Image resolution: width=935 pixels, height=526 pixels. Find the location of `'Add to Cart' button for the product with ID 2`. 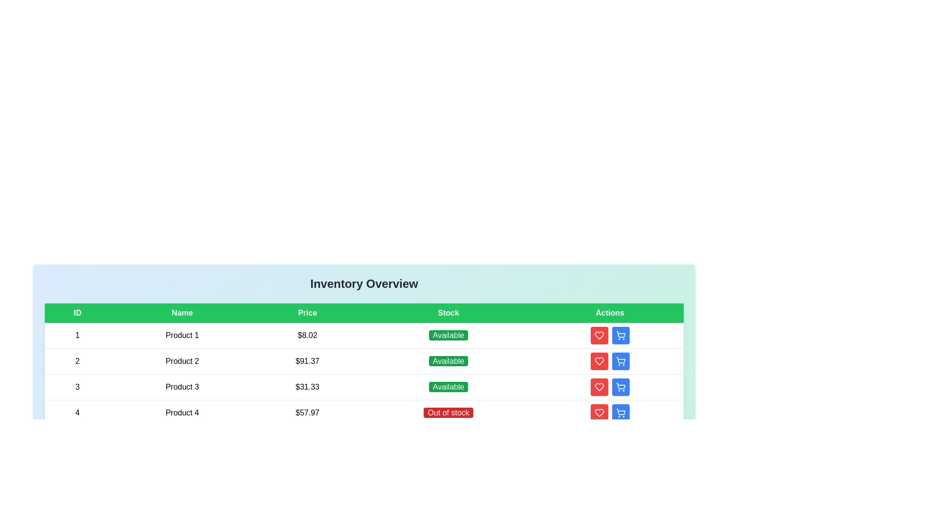

'Add to Cart' button for the product with ID 2 is located at coordinates (619, 361).